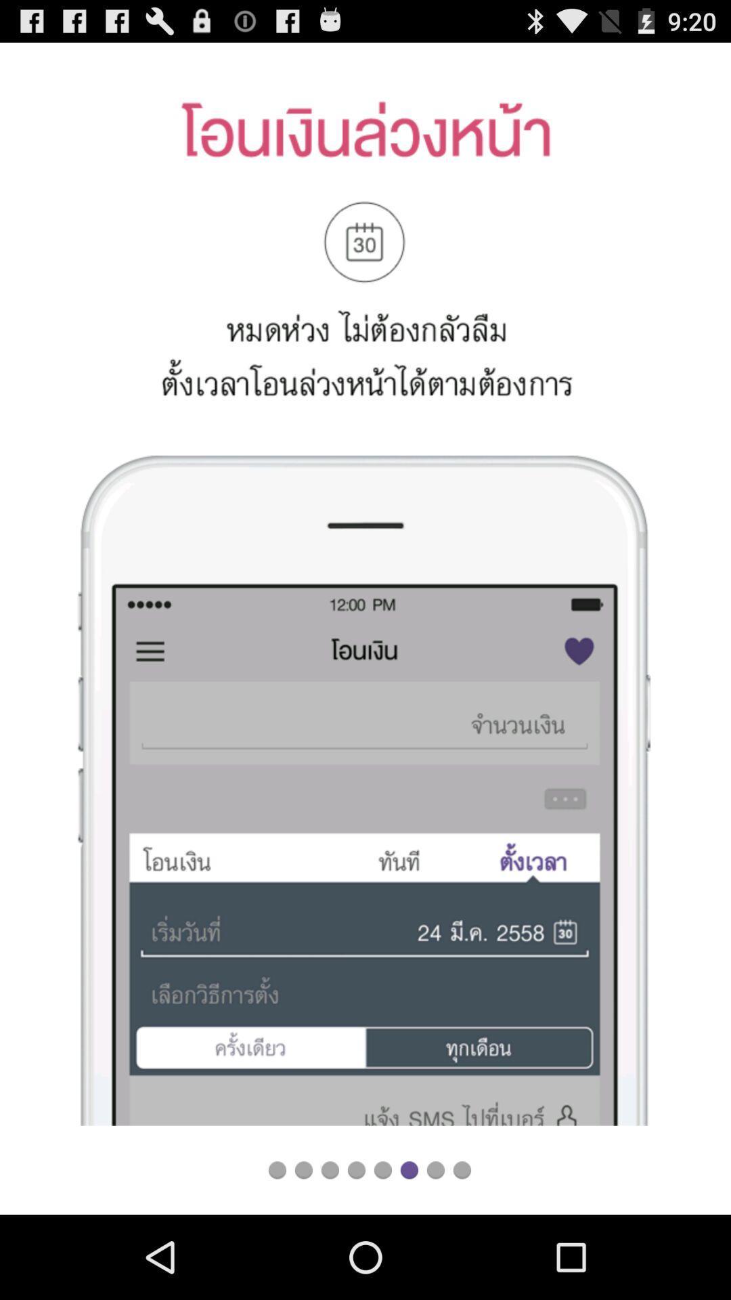 The image size is (731, 1300). I want to click on go back, so click(355, 1169).